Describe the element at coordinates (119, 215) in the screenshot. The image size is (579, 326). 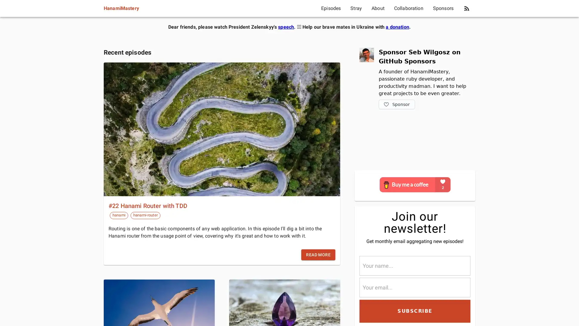
I see `hanami` at that location.